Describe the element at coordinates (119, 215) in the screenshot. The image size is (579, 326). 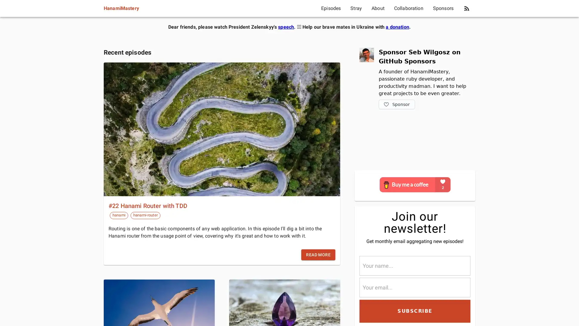
I see `hanami` at that location.